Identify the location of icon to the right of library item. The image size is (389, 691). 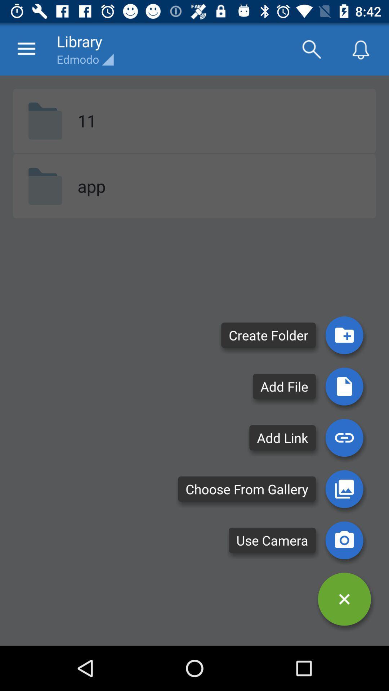
(311, 49).